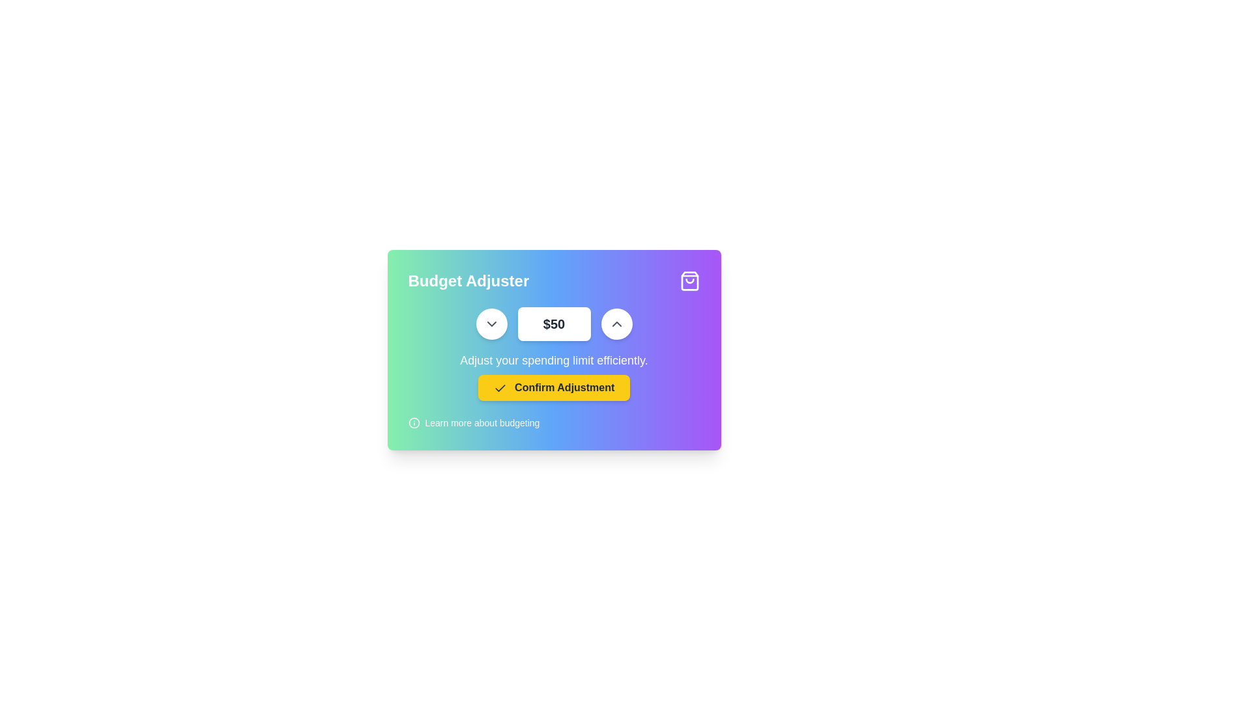  What do you see at coordinates (554, 387) in the screenshot?
I see `the rectangular button with a vibrant yellow background and the text 'Confirm Adjustment' in bold dark gray letters to confirm the adjustment` at bounding box center [554, 387].